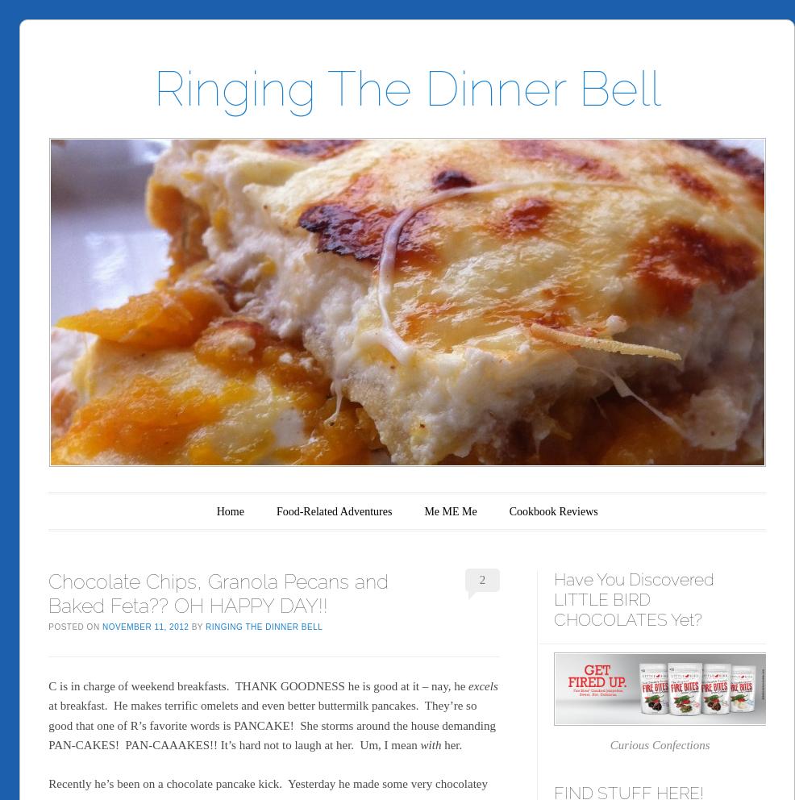  What do you see at coordinates (271, 724) in the screenshot?
I see `'at breakfast.  He makes terrific omelets and even better buttermilk pancakes.  They’re so good that one of R’s favorite words is PANCAKE!  She storms around the house demanding PAN-CAKES!  PAN-CAAAKES!! It’s hard not to laugh at her.  Um, I mean'` at bounding box center [271, 724].